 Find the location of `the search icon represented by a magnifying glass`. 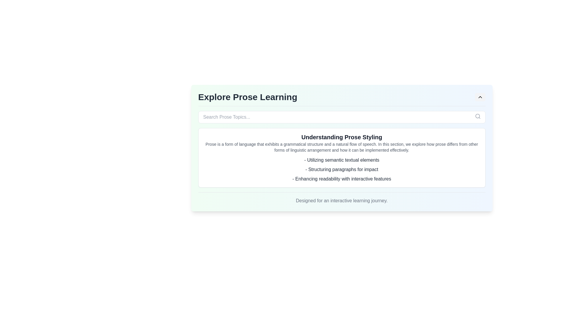

the search icon represented by a magnifying glass is located at coordinates (478, 116).